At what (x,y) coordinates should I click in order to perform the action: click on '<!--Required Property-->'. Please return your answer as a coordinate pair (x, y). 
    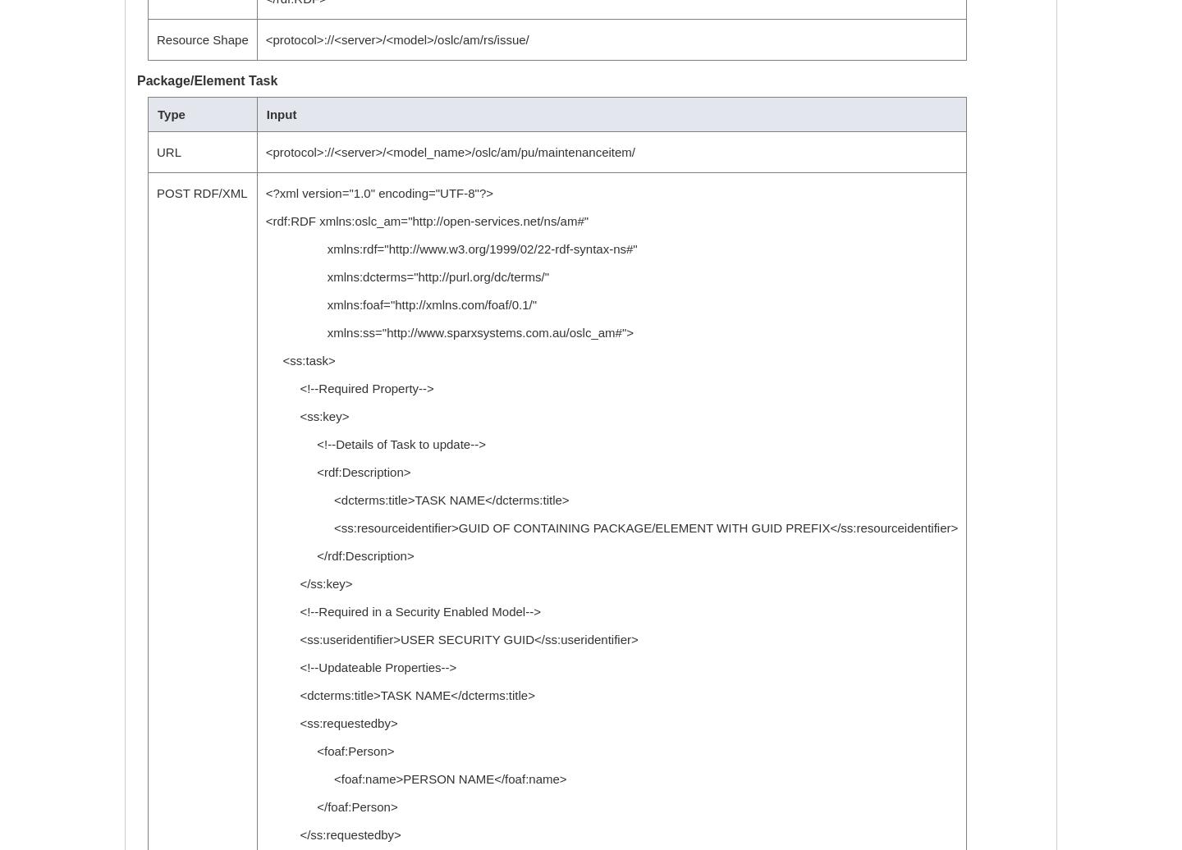
    Looking at the image, I should click on (349, 388).